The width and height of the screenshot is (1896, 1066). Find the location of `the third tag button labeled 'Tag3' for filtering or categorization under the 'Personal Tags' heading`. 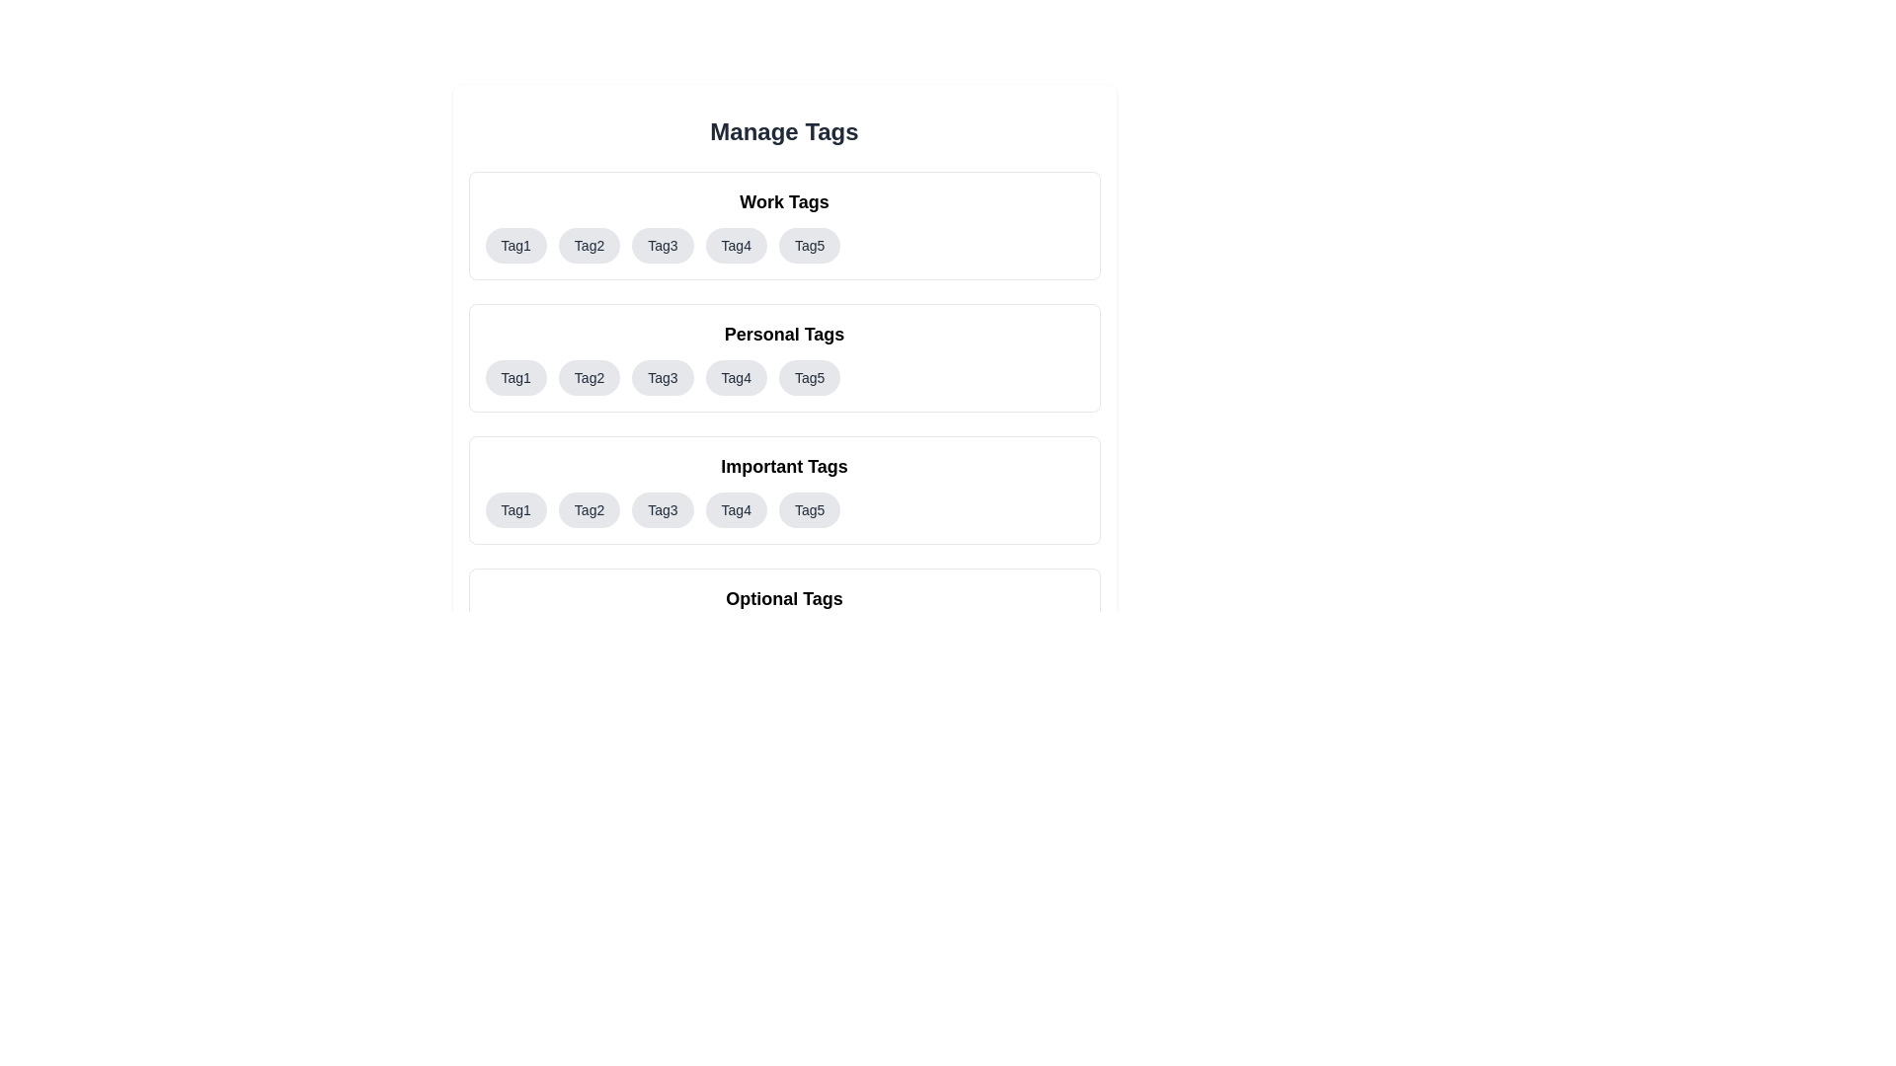

the third tag button labeled 'Tag3' for filtering or categorization under the 'Personal Tags' heading is located at coordinates (663, 377).